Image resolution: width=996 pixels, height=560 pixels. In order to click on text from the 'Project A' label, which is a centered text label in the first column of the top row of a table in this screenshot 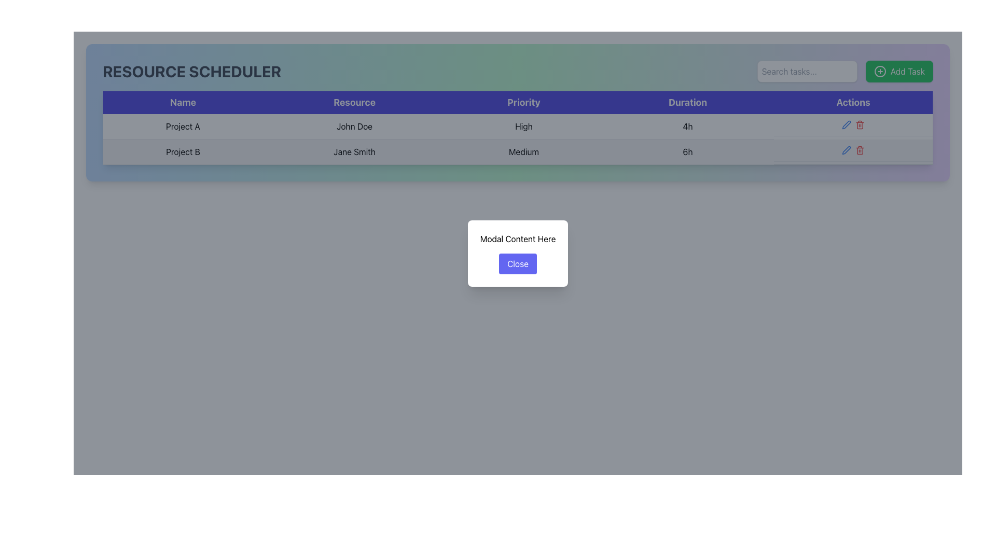, I will do `click(183, 126)`.